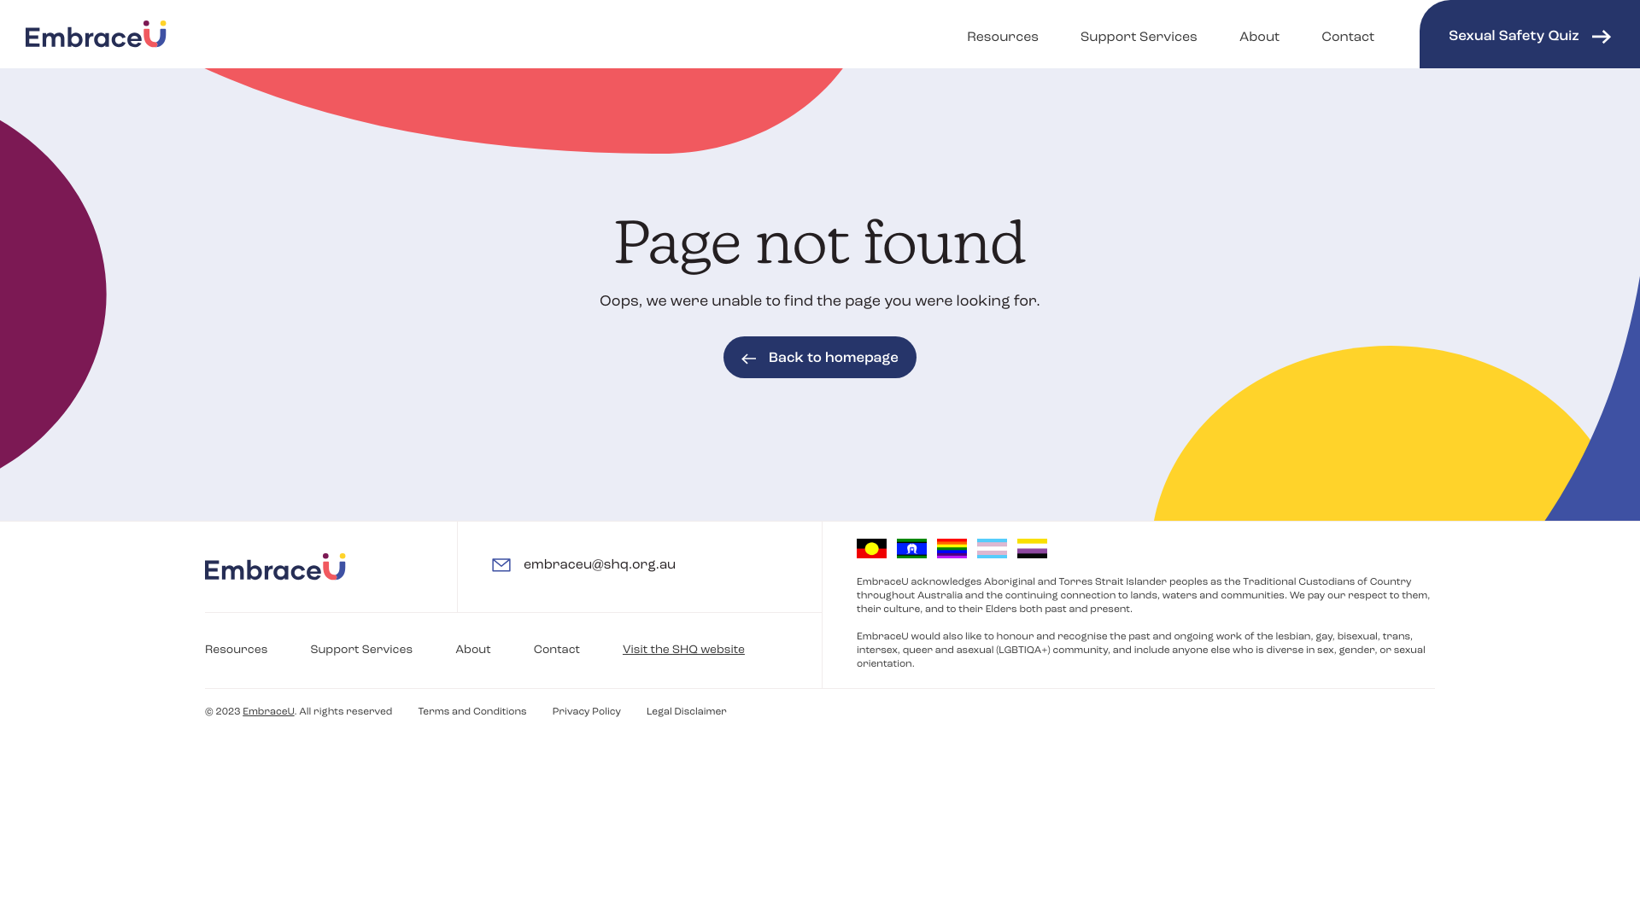  I want to click on 'Legal Disclaimer', so click(687, 711).